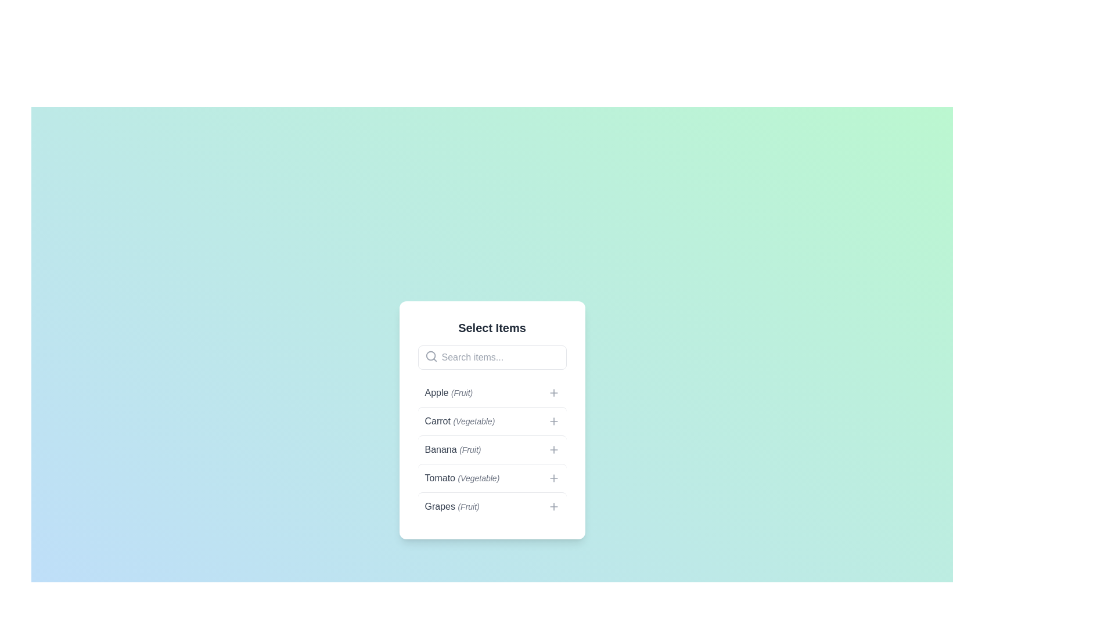  I want to click on the text label displaying '(Vegetable)' which is grayish and located next to 'Carrot' in the list, so click(474, 421).